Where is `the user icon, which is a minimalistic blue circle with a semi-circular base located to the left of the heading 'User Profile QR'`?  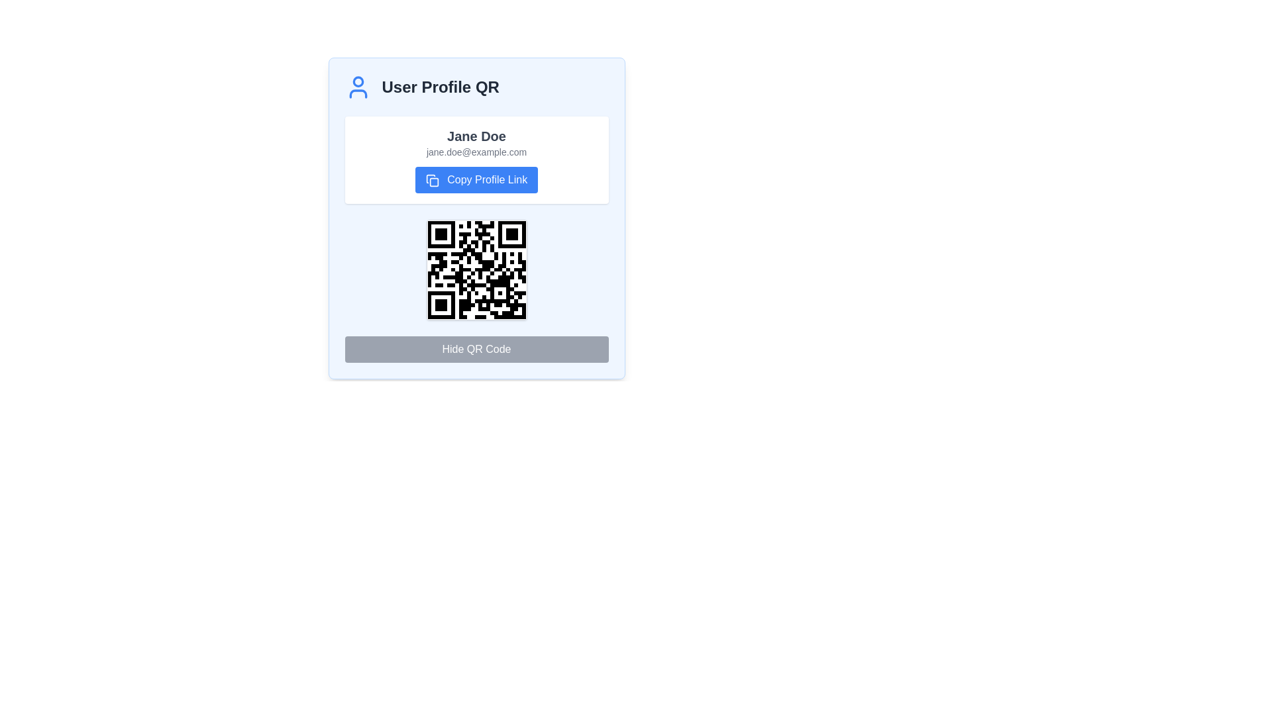
the user icon, which is a minimalistic blue circle with a semi-circular base located to the left of the heading 'User Profile QR' is located at coordinates (358, 87).